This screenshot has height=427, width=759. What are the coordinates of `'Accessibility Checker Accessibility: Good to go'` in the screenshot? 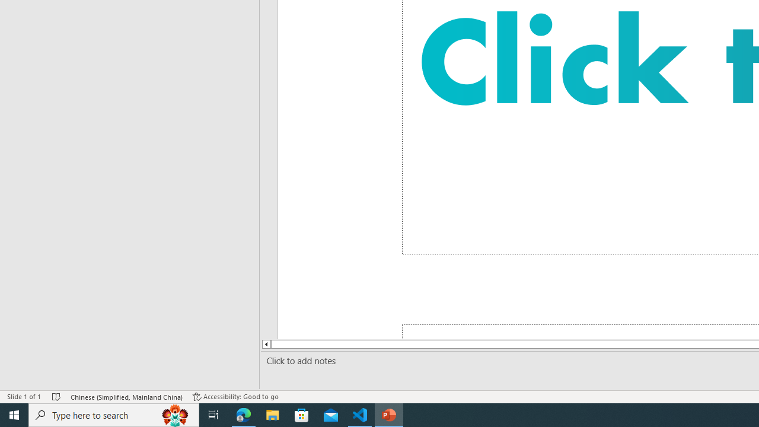 It's located at (235, 397).